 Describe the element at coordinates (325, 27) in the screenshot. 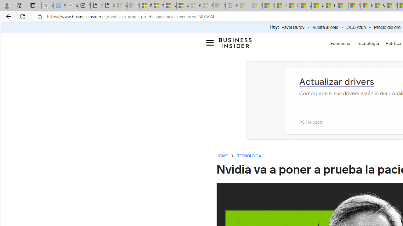

I see `'Vuelta al cole'` at that location.